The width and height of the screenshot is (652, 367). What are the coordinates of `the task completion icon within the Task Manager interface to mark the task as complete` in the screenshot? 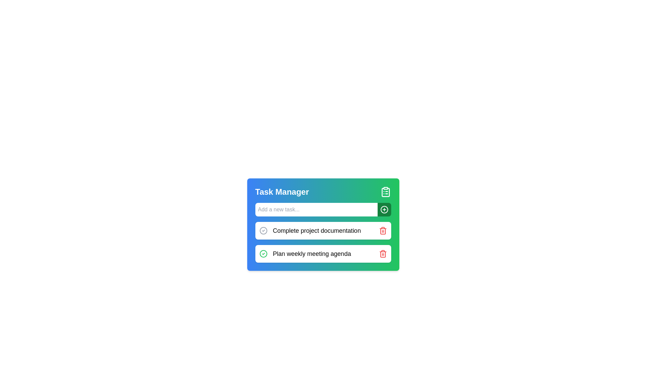 It's located at (323, 244).